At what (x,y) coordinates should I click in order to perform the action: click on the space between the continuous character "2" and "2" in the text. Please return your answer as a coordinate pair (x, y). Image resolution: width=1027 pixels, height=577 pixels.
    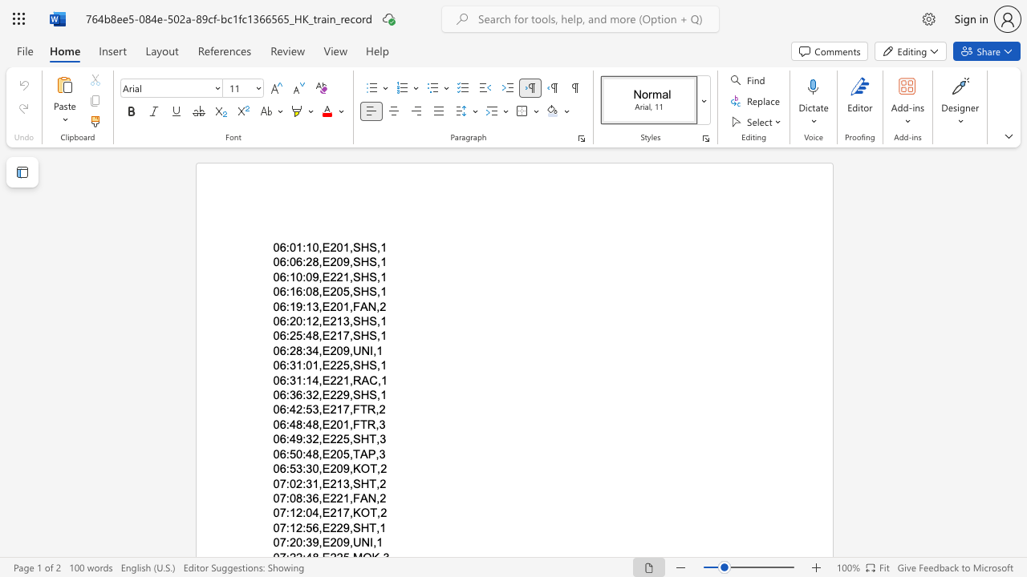
    Looking at the image, I should click on (335, 527).